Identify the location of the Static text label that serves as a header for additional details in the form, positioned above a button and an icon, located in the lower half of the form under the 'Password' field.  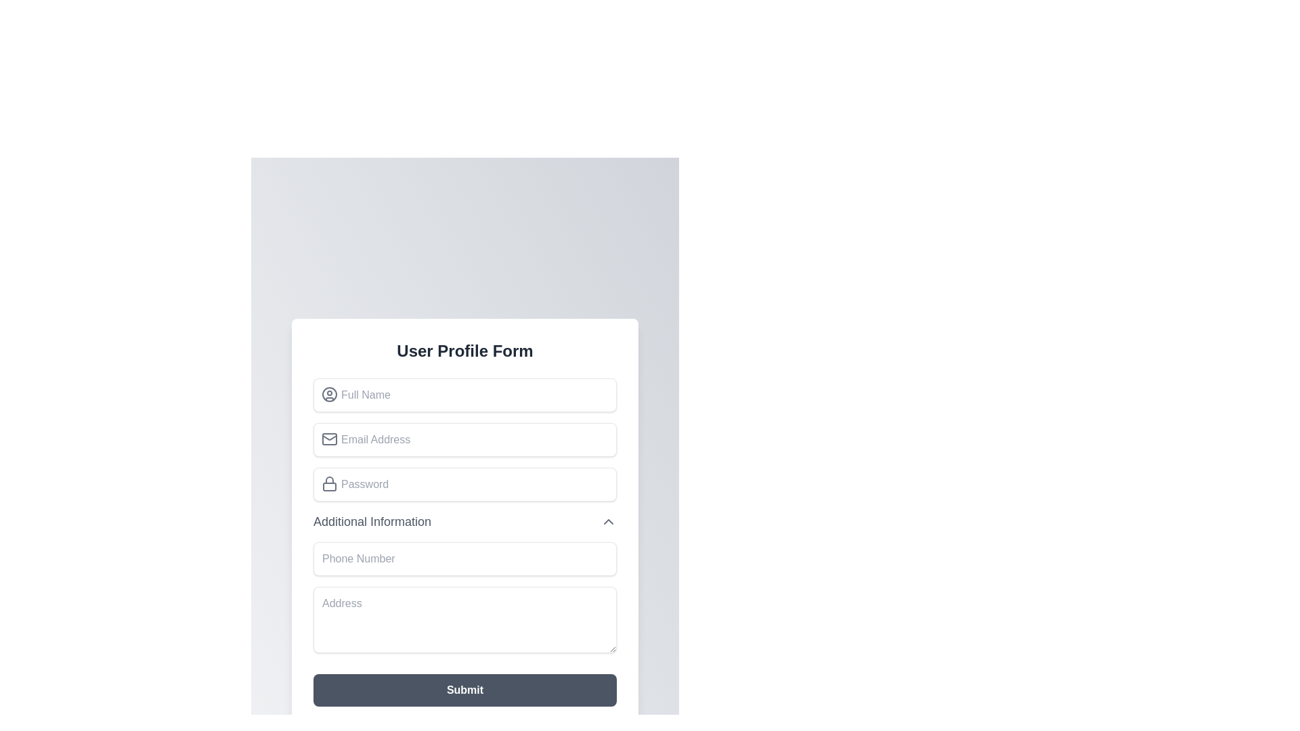
(372, 520).